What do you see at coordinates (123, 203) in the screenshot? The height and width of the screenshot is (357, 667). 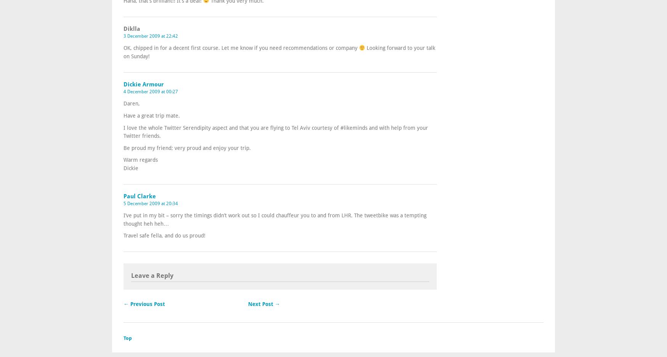 I see `'5 December 2009 at 20:34'` at bounding box center [123, 203].